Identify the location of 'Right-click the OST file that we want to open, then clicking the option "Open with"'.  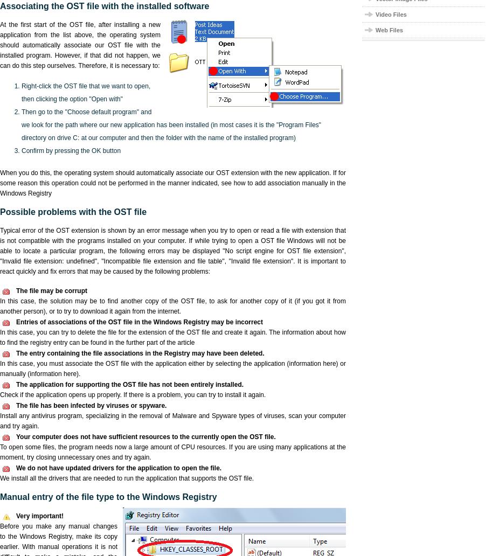
(85, 92).